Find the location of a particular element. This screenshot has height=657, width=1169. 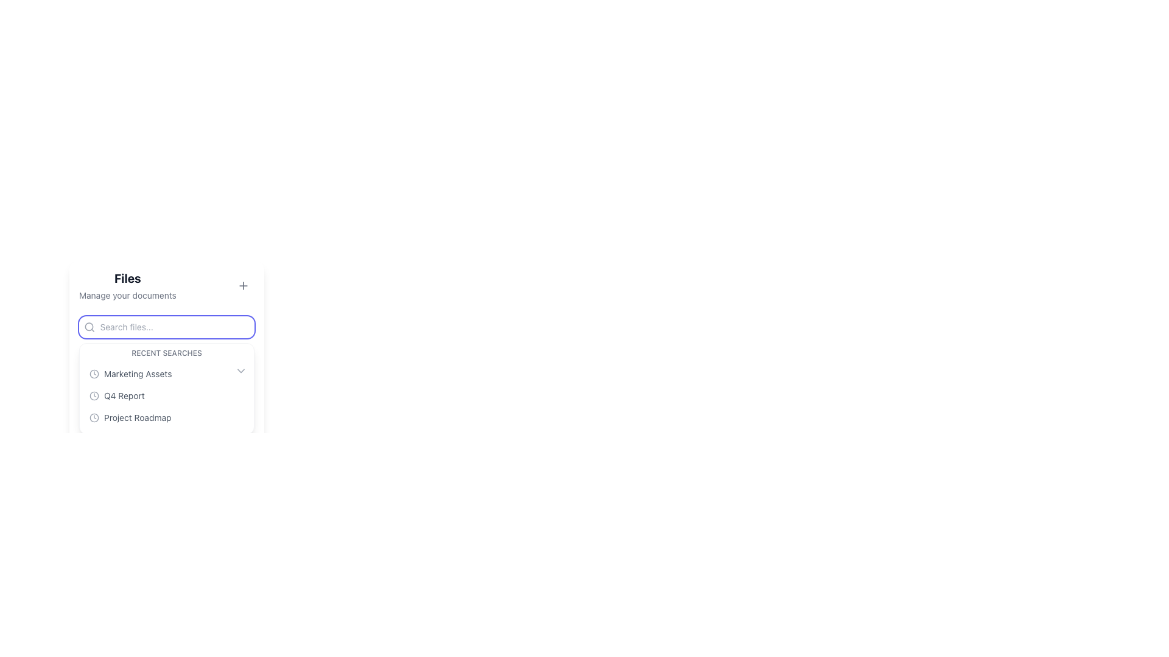

the text block containing the heading 'Files' and the subtitle 'Manage your documents', which is positioned near the top-left corner of the interface is located at coordinates (127, 286).